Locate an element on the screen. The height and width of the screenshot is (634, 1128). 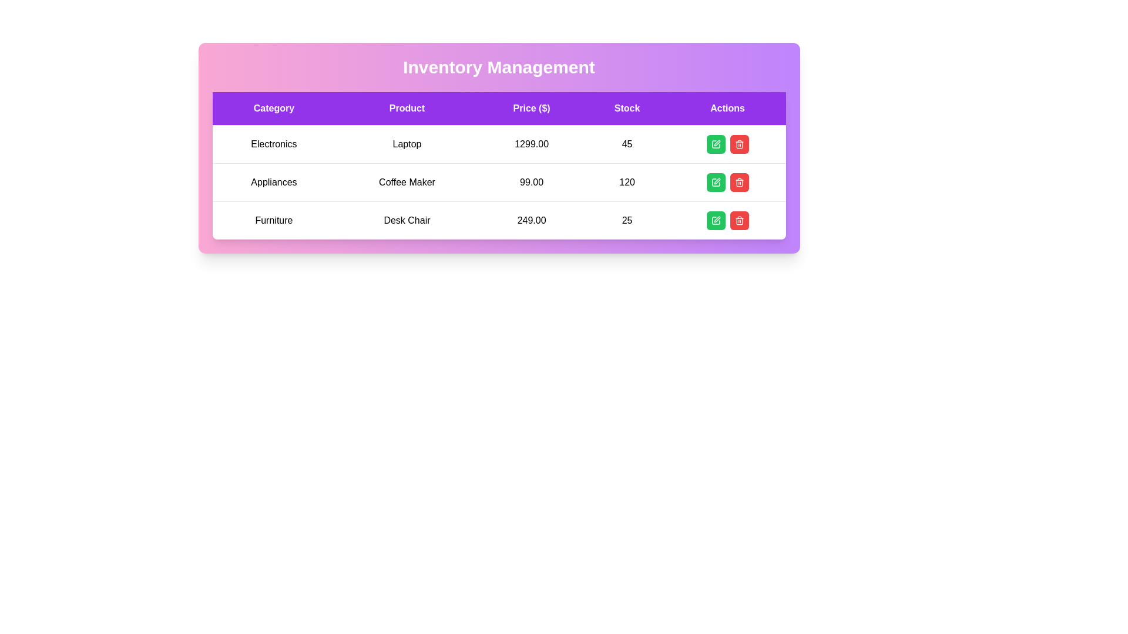
the trash icon button located in the 'Actions' column of the table is located at coordinates (738, 144).